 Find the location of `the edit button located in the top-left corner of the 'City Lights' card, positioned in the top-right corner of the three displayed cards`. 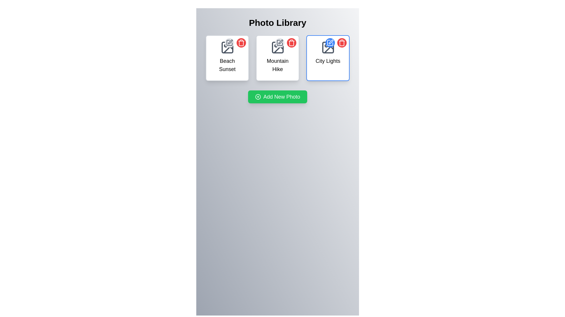

the edit button located in the top-left corner of the 'City Lights' card, positioned in the top-right corner of the three displayed cards is located at coordinates (330, 43).